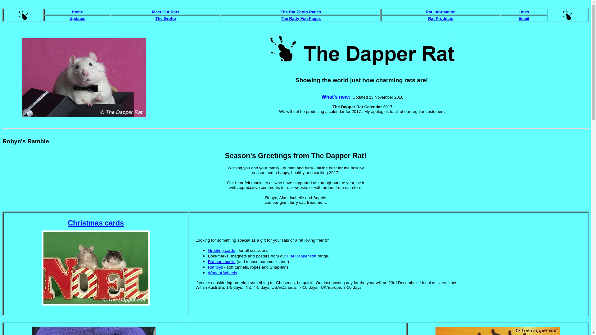  I want to click on 'Meet Our Rats', so click(165, 12).